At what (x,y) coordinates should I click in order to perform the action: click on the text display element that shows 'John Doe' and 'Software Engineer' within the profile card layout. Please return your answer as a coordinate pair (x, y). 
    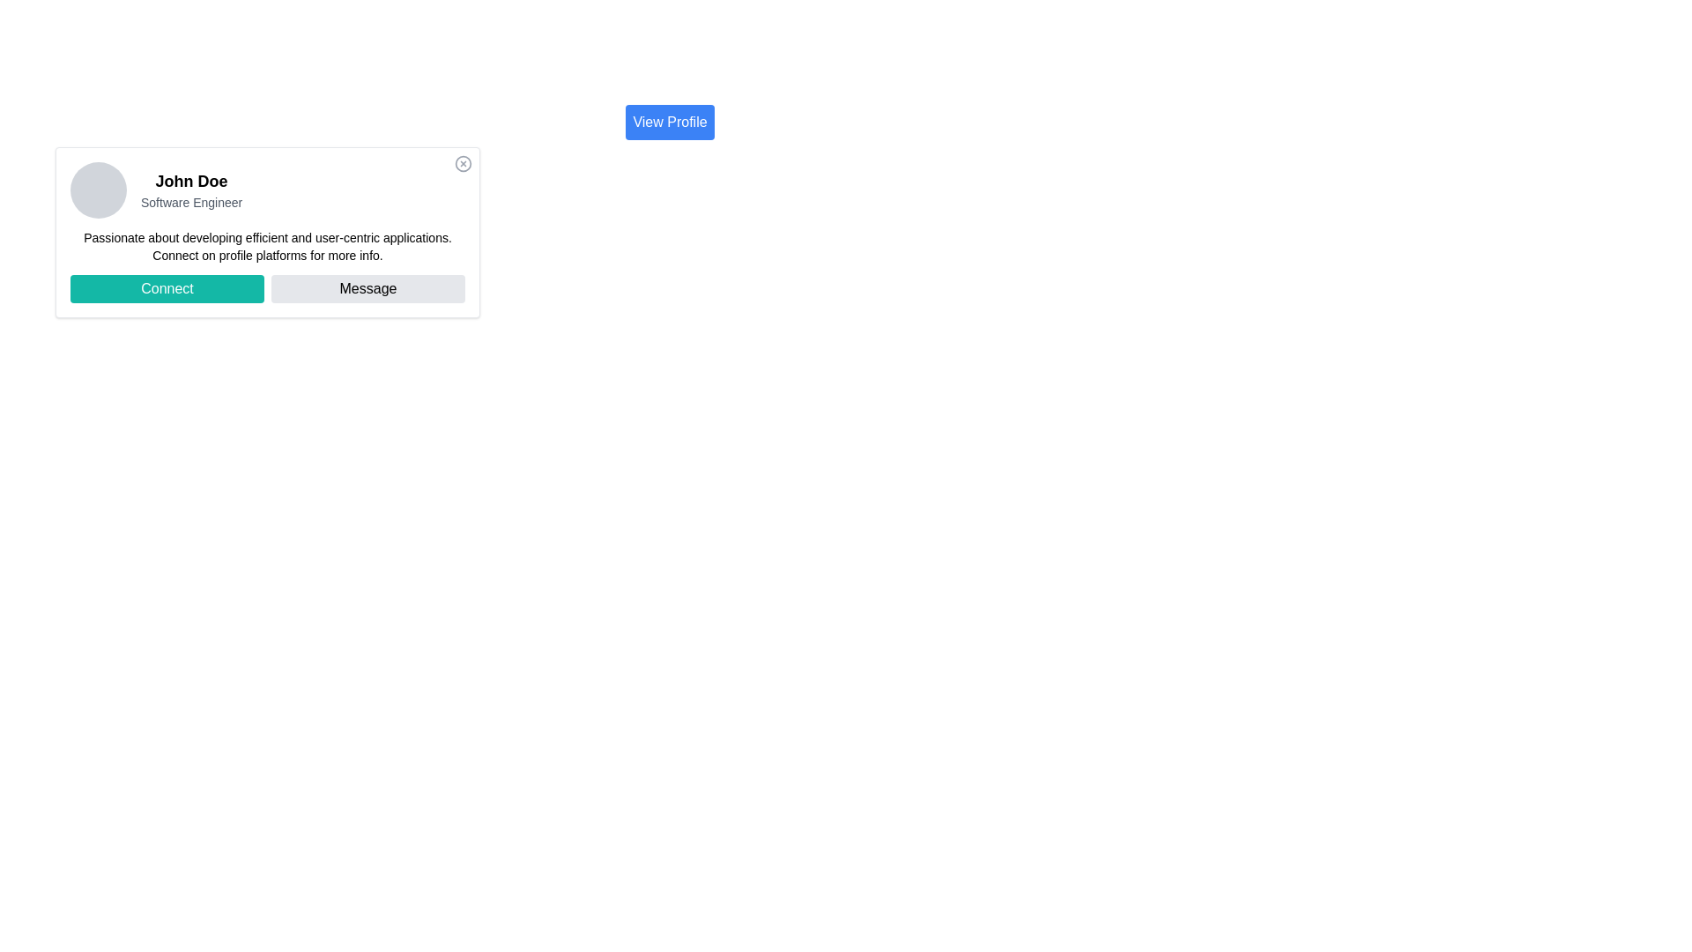
    Looking at the image, I should click on (191, 190).